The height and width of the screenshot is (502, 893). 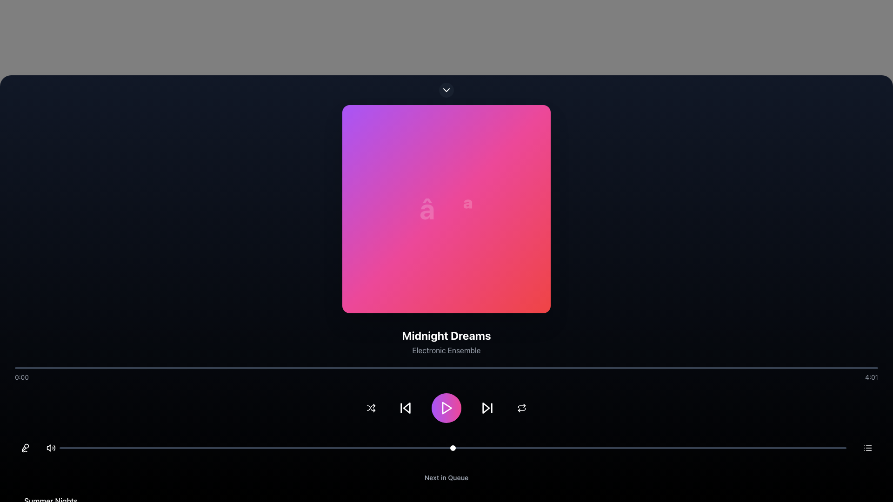 I want to click on the timeline position, so click(x=146, y=448).